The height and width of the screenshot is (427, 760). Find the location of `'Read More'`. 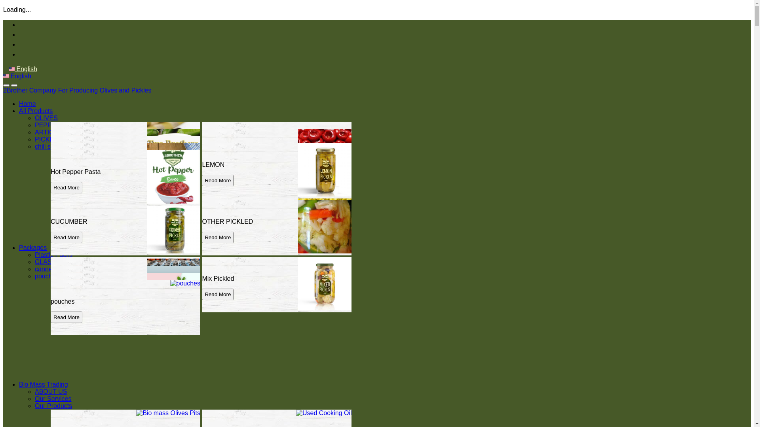

'Read More' is located at coordinates (66, 294).